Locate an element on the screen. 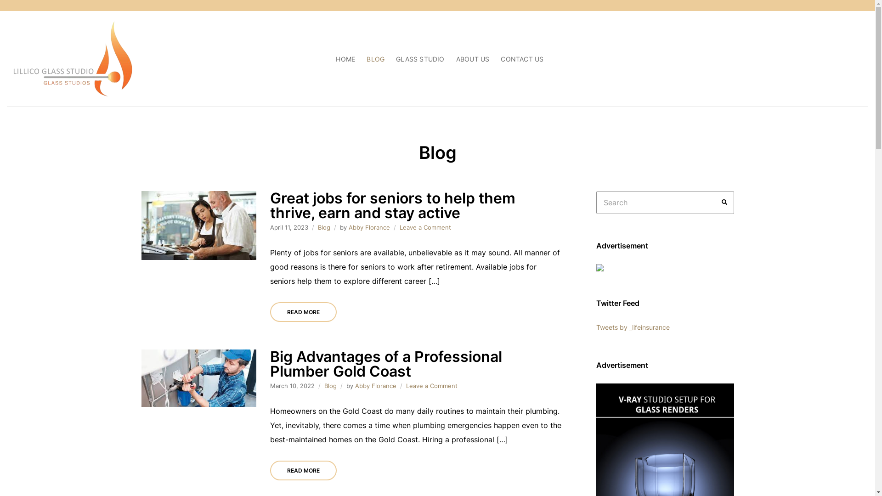 The height and width of the screenshot is (496, 882). 'SEARCH' is located at coordinates (724, 202).